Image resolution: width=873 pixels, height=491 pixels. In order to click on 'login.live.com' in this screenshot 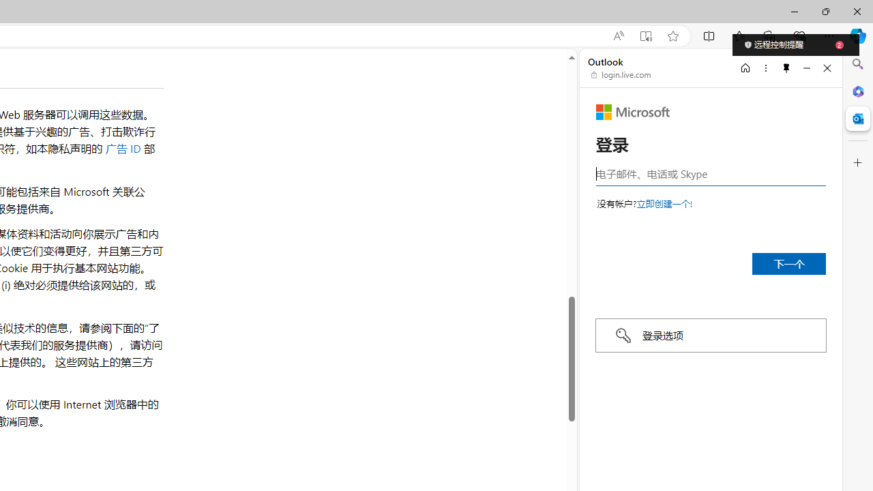, I will do `click(621, 75)`.